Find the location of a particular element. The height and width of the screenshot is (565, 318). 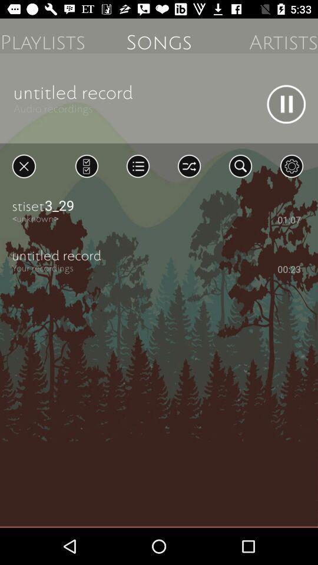

shuffle is located at coordinates (189, 165).